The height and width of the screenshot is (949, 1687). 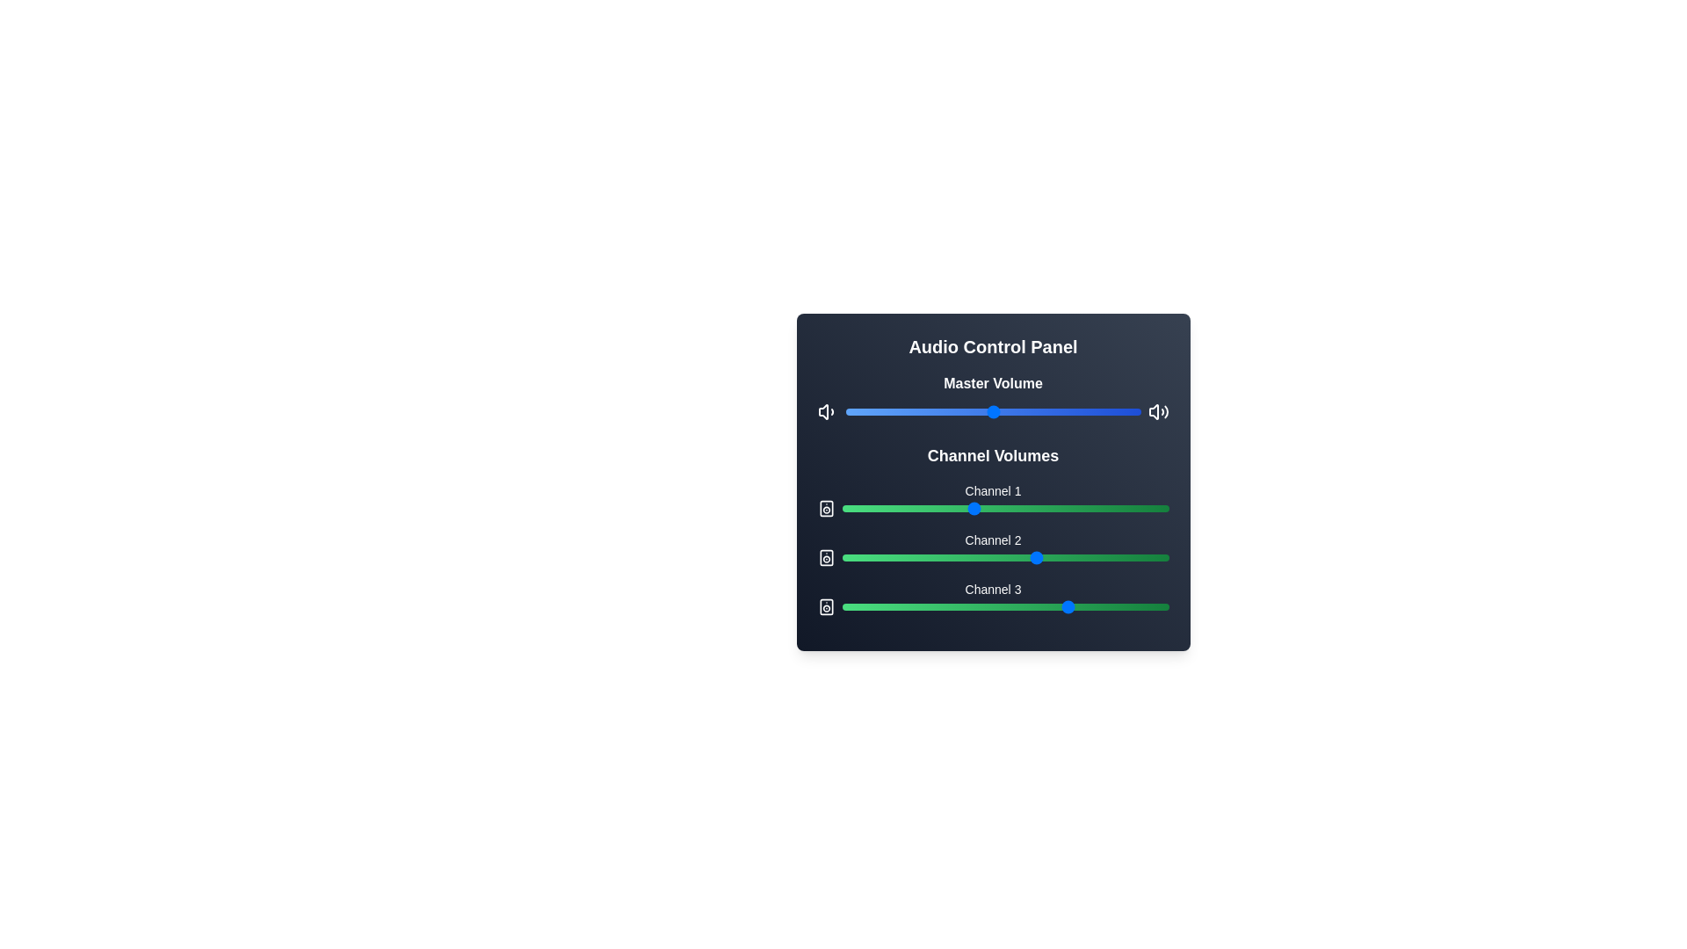 I want to click on the slider value, so click(x=1015, y=558).